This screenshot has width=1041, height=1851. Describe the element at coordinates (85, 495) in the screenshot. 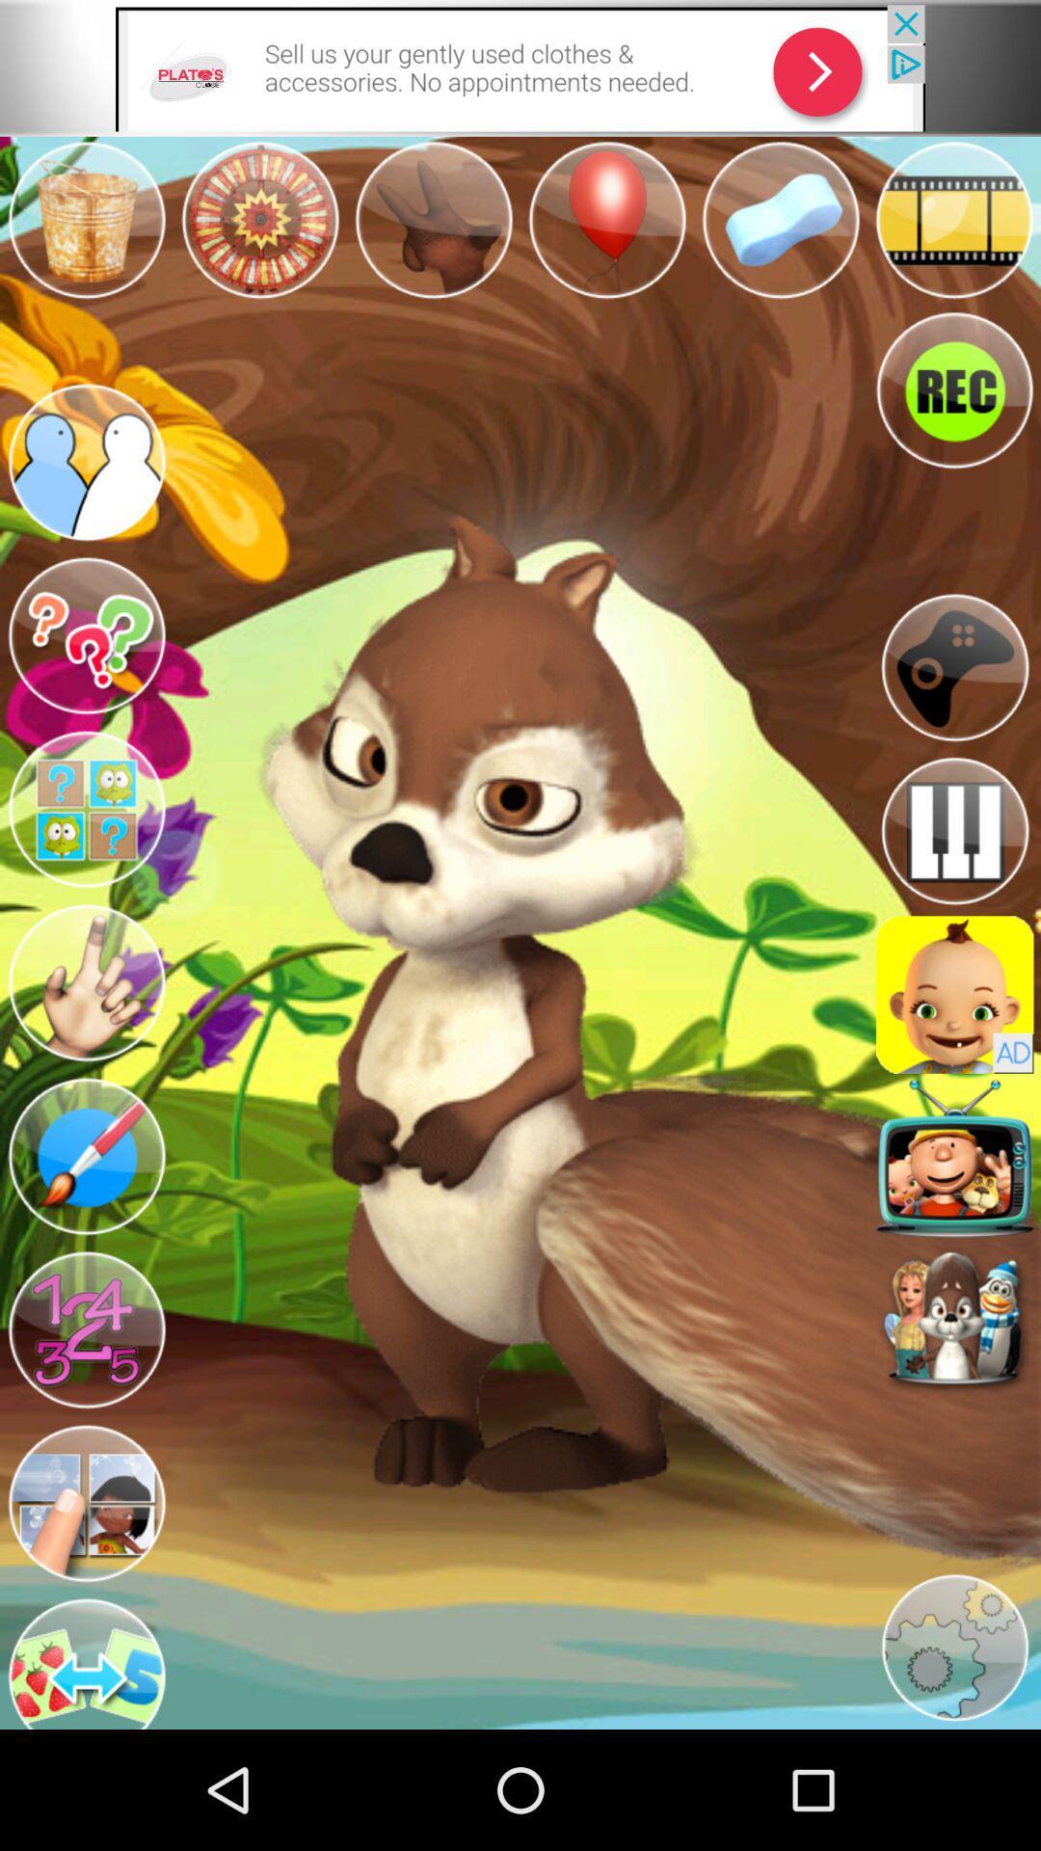

I see `the group icon` at that location.